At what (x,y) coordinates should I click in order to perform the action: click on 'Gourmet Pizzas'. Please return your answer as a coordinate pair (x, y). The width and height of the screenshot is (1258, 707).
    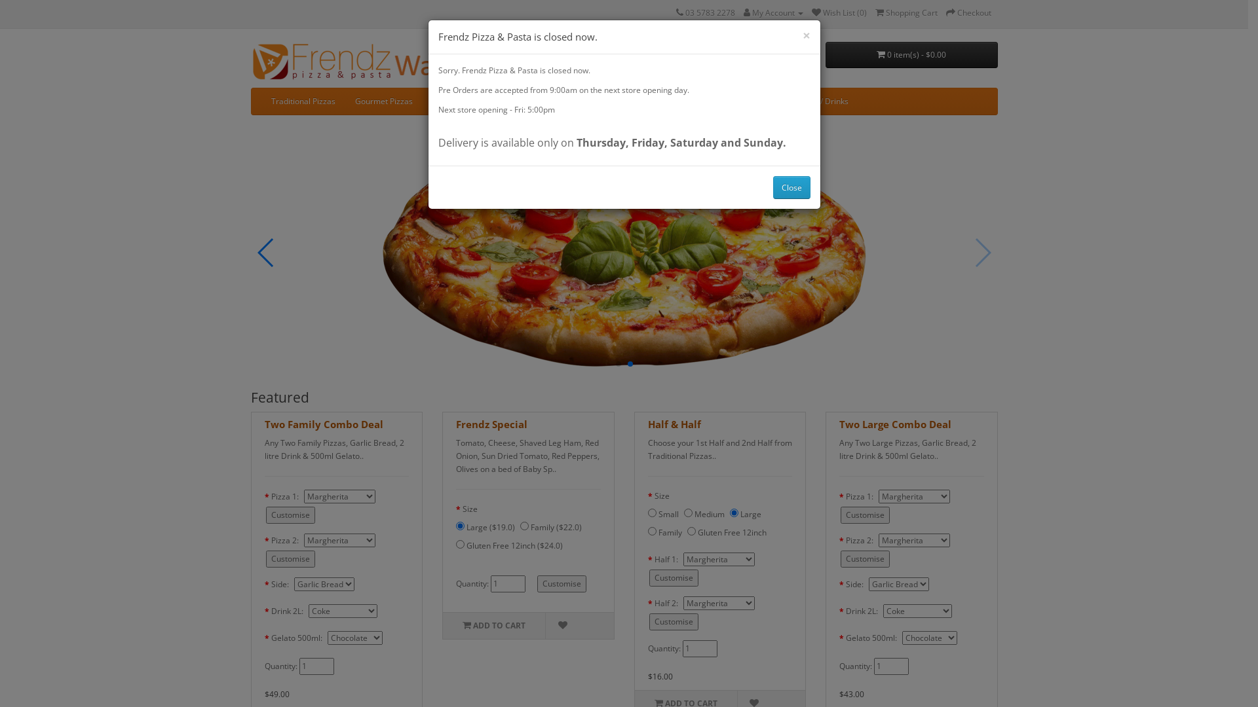
    Looking at the image, I should click on (383, 100).